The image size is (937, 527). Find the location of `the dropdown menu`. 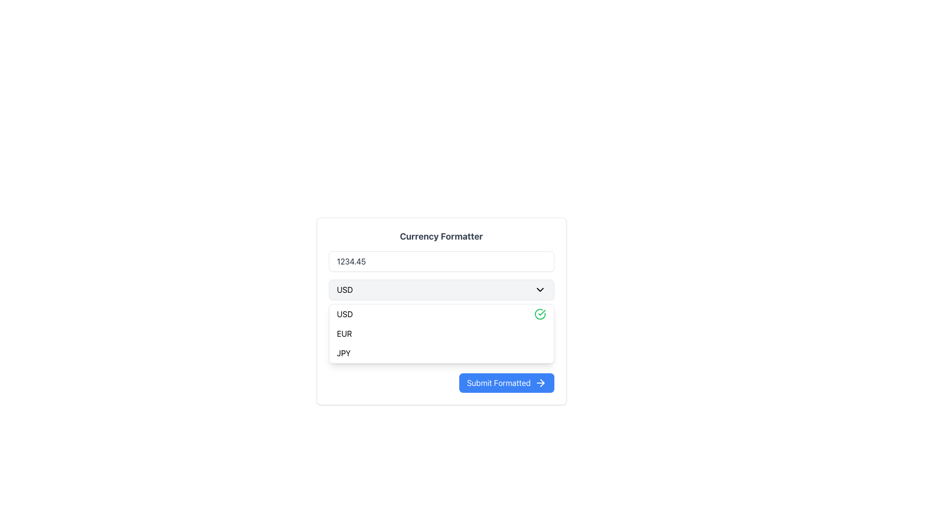

the dropdown menu is located at coordinates (441, 311).